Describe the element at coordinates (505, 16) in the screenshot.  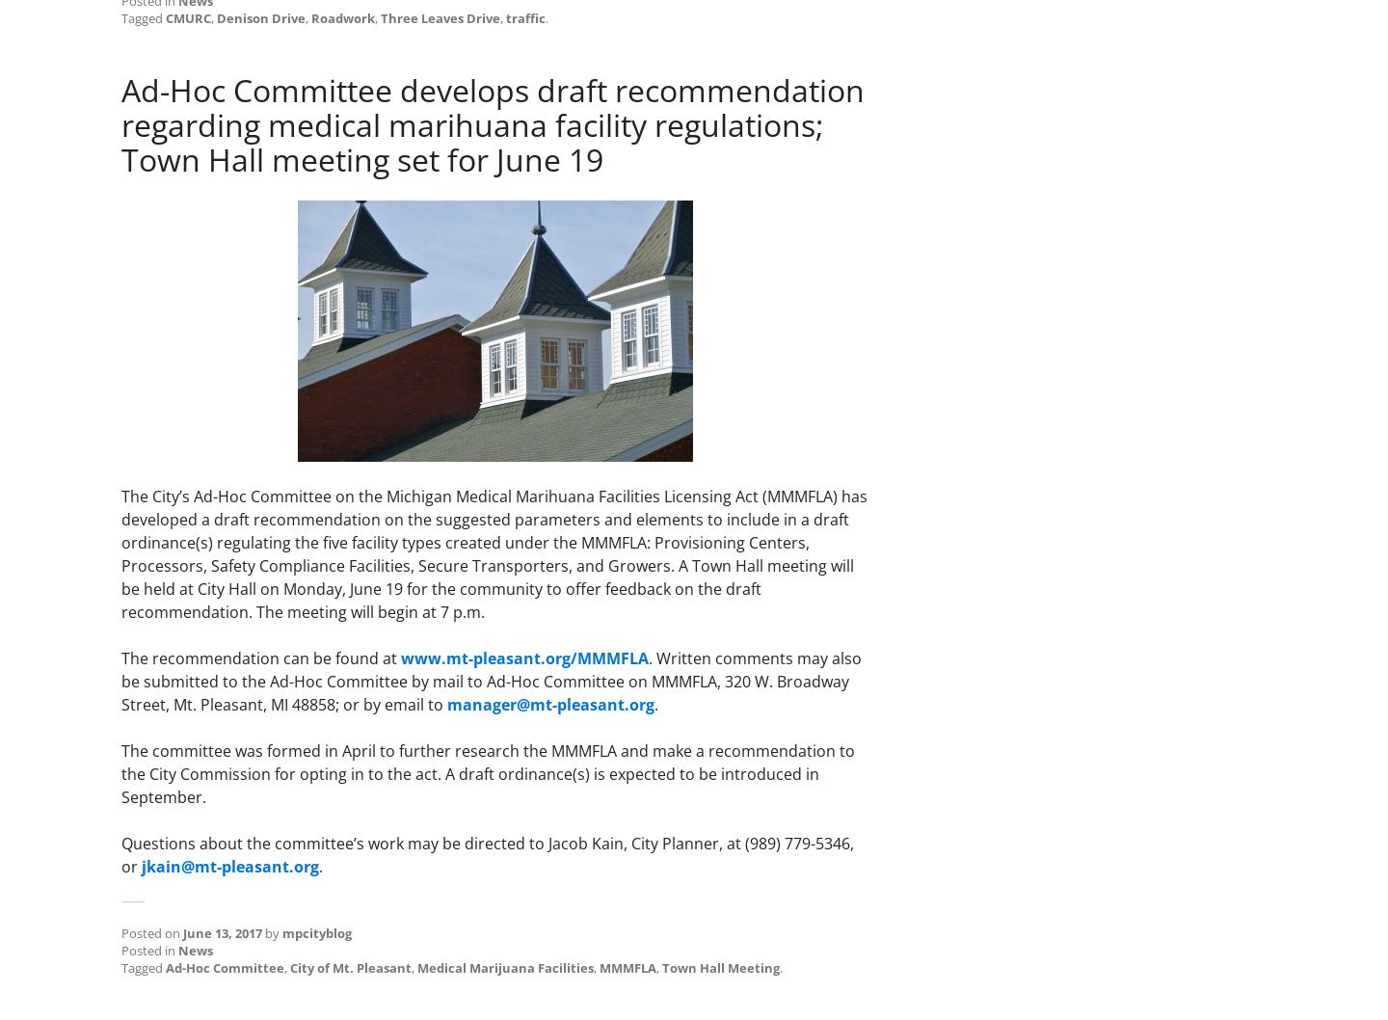
I see `'traffic'` at that location.